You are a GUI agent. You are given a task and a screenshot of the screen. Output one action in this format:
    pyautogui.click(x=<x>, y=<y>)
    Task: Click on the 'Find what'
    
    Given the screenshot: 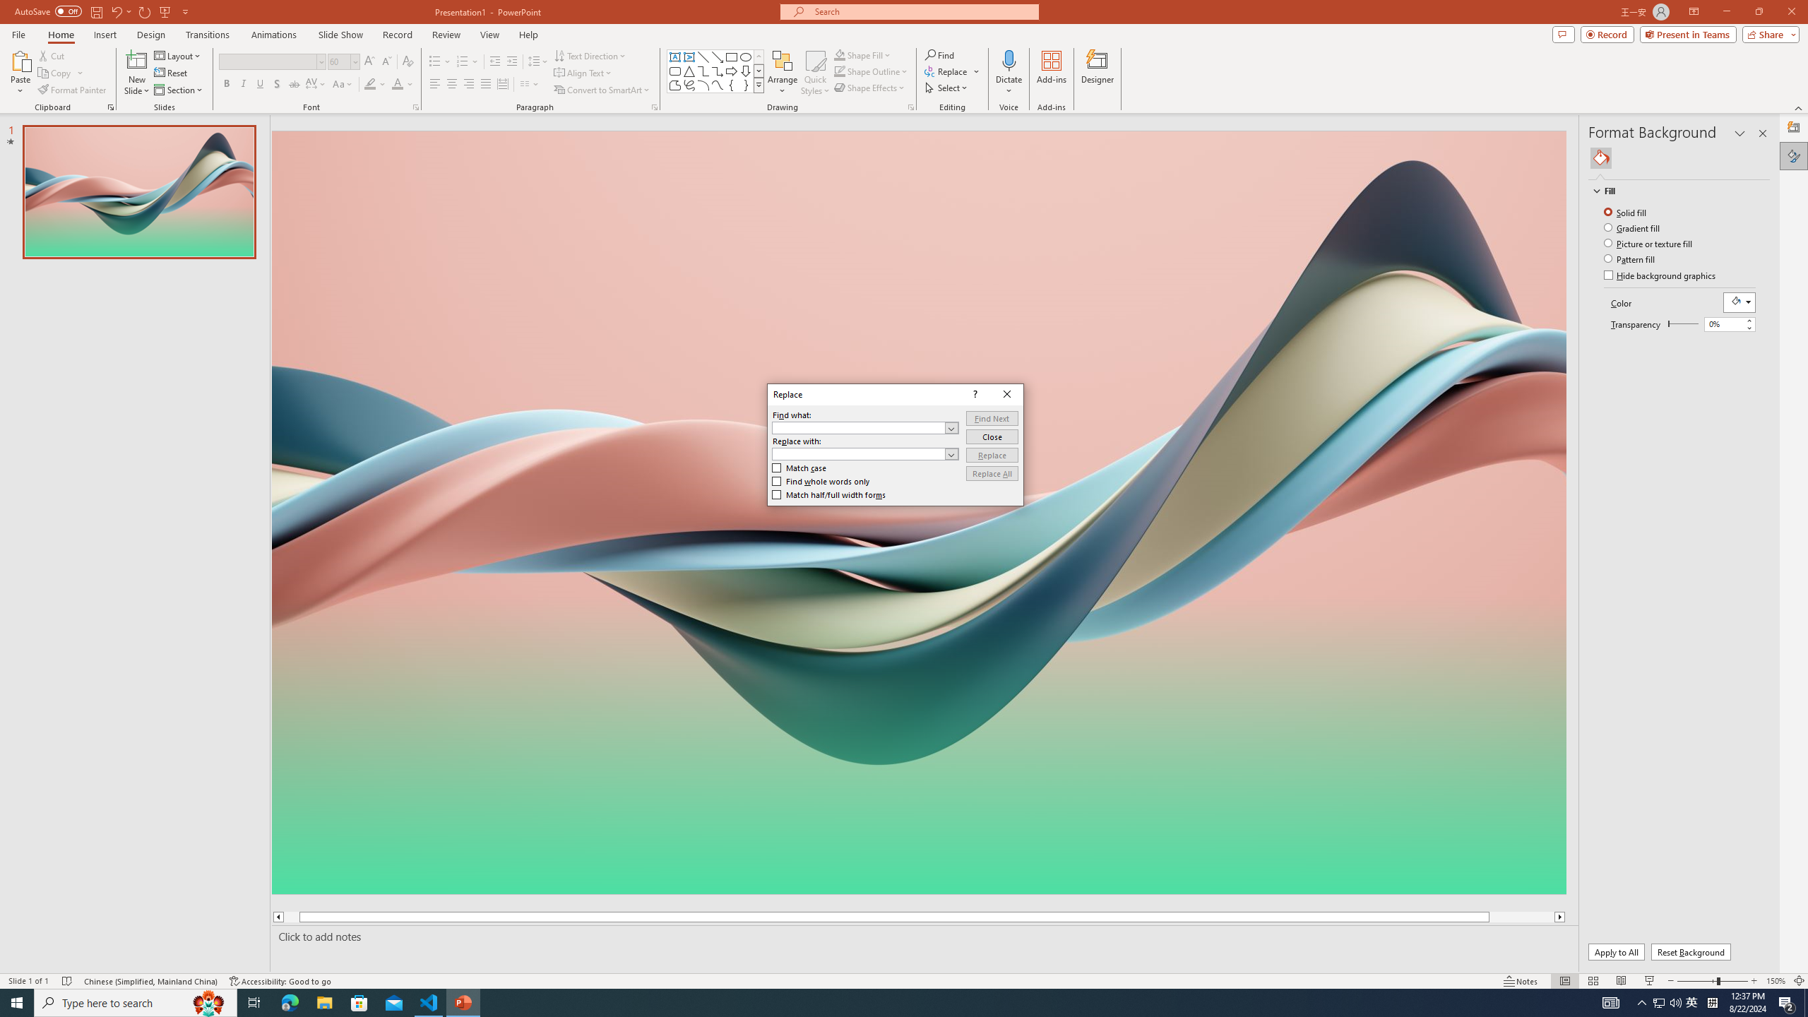 What is the action you would take?
    pyautogui.click(x=858, y=427)
    